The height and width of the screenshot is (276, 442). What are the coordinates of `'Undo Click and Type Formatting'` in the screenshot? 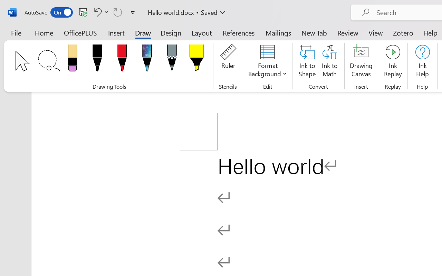 It's located at (96, 12).